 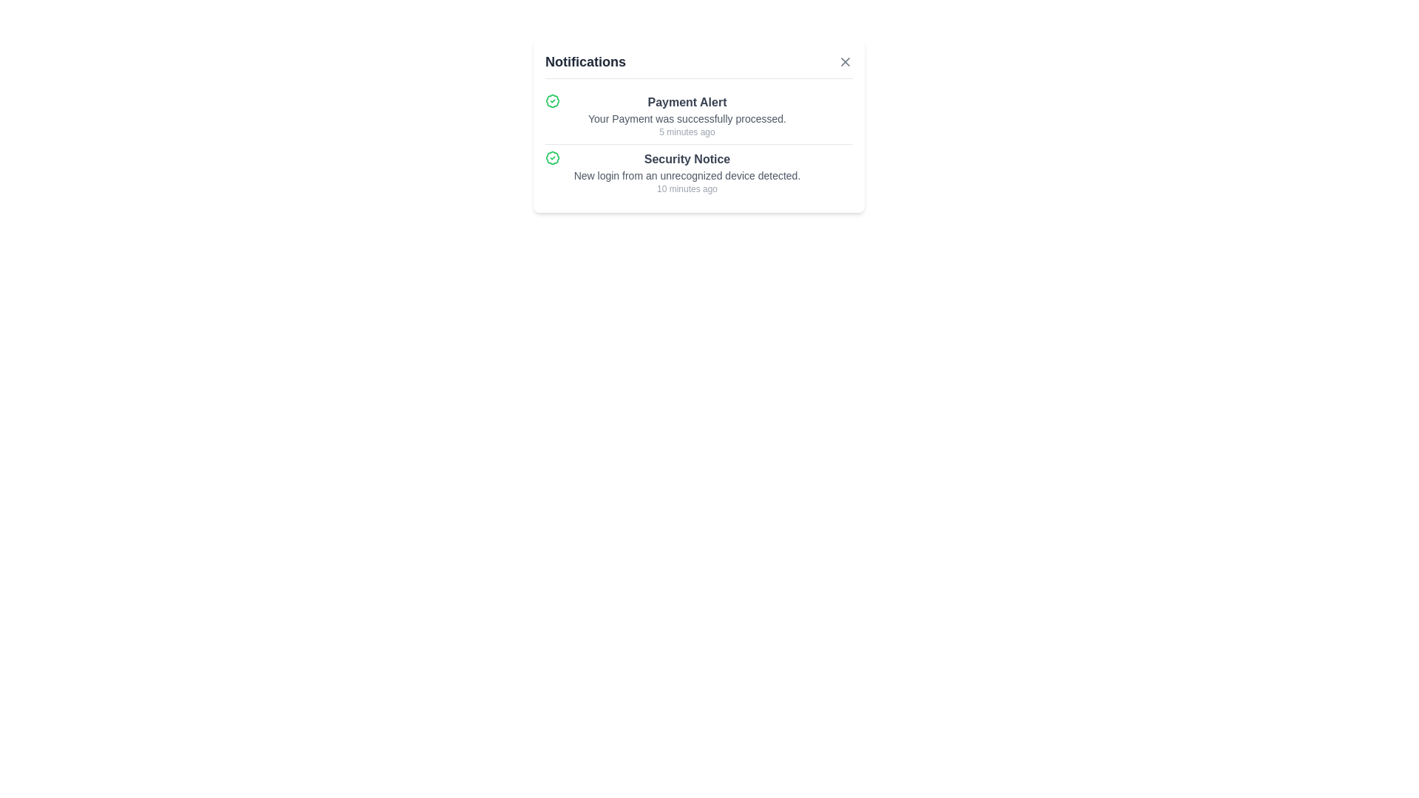 What do you see at coordinates (552, 100) in the screenshot?
I see `the green circular icon with a checkmark inside it, located to the left of the 'Payment Alert' notification message` at bounding box center [552, 100].